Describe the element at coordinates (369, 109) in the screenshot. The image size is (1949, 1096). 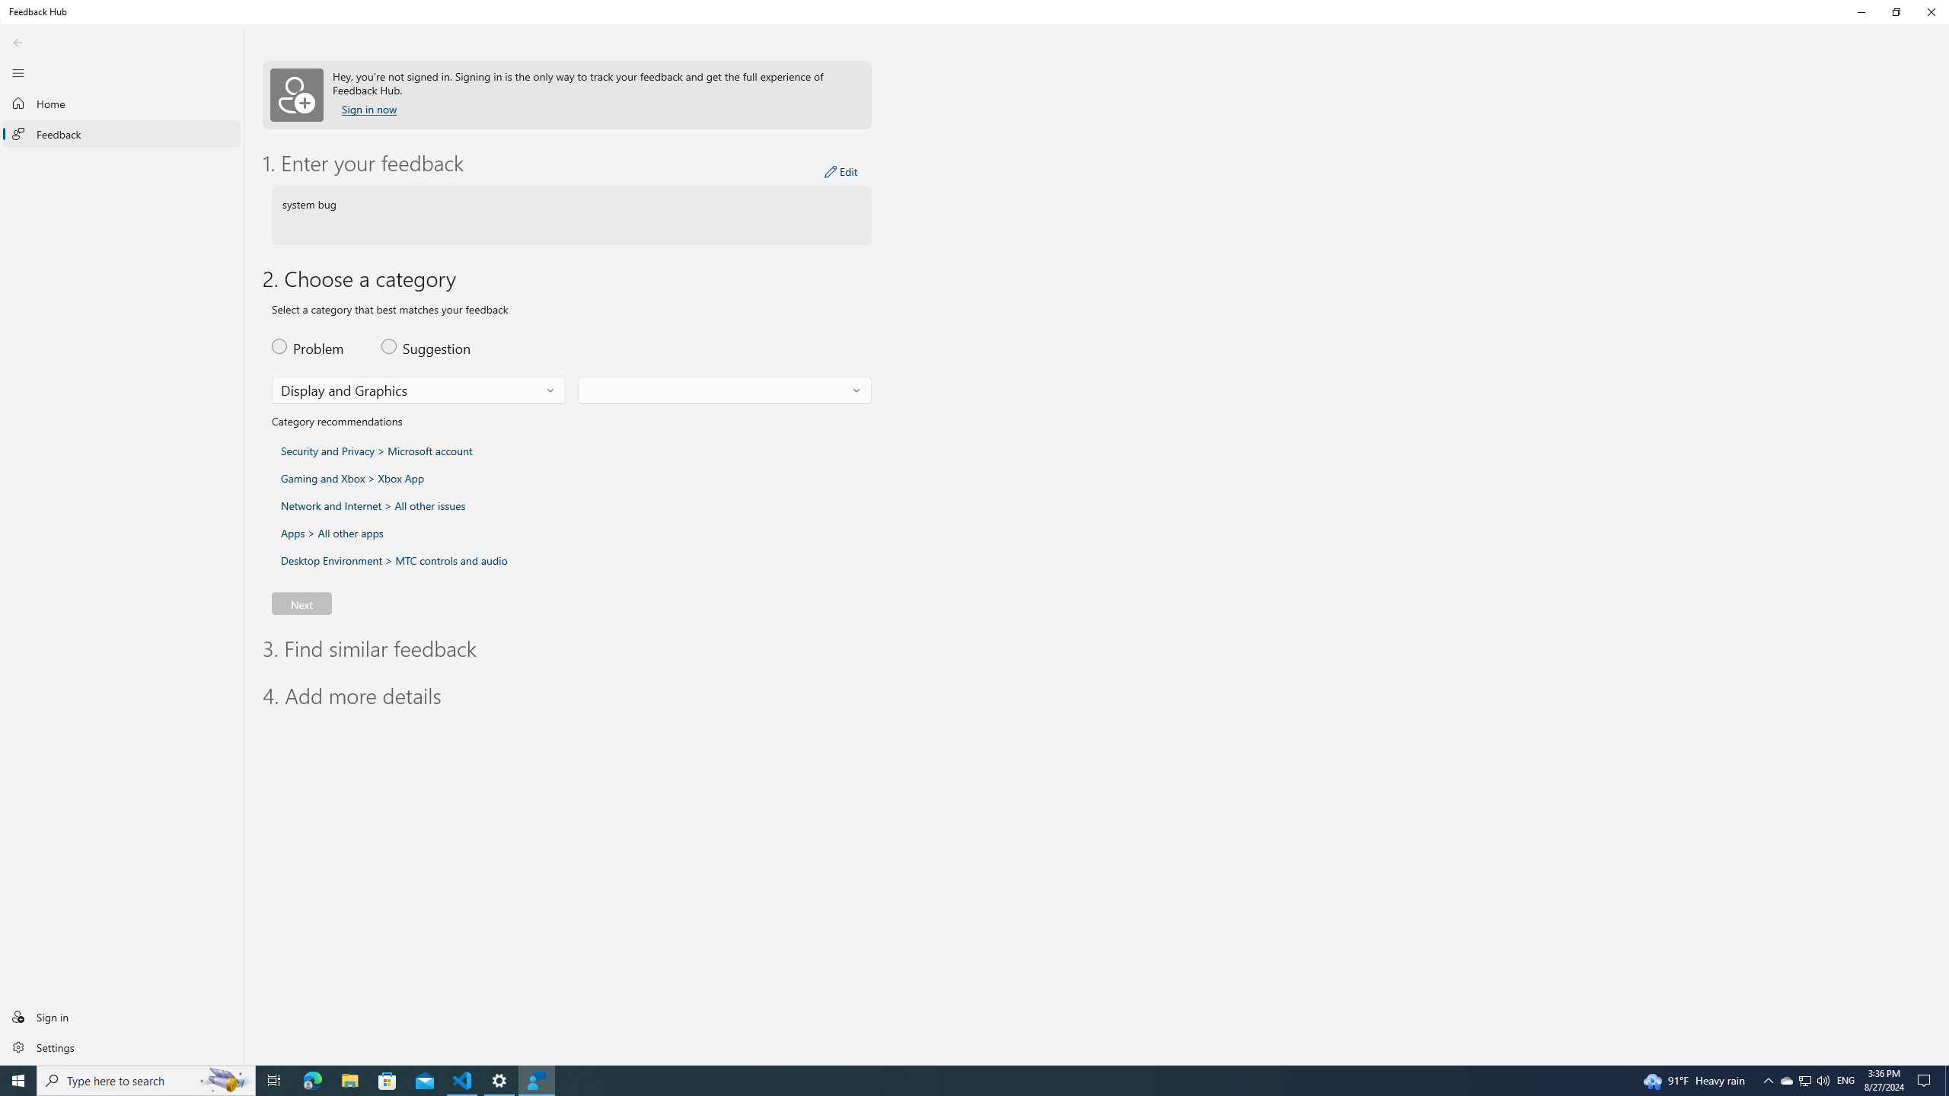
I see `'Sign in now'` at that location.